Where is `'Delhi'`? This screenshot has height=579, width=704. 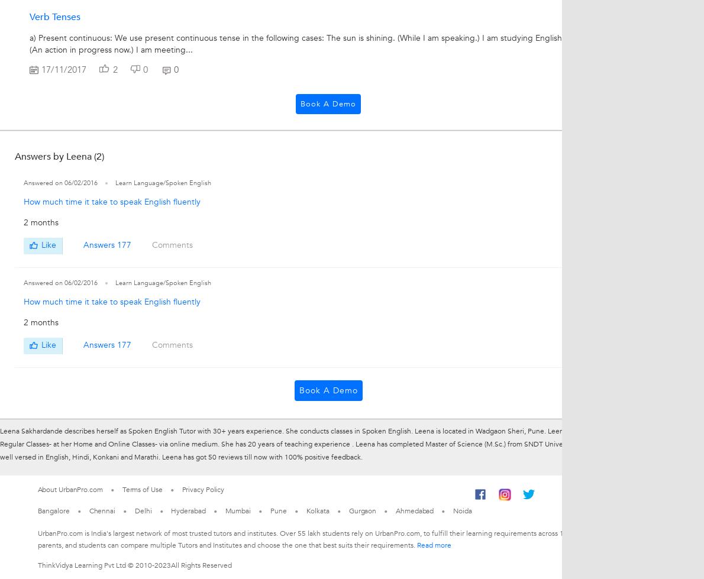 'Delhi' is located at coordinates (143, 509).